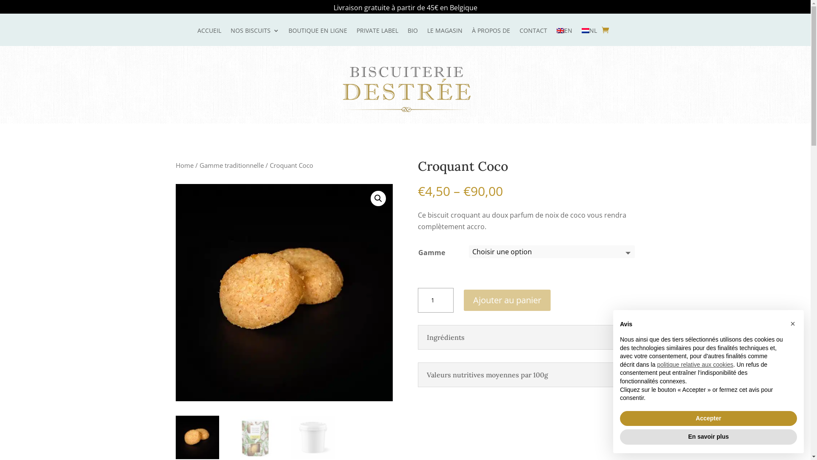  What do you see at coordinates (695, 364) in the screenshot?
I see `'politique relative aux cookies'` at bounding box center [695, 364].